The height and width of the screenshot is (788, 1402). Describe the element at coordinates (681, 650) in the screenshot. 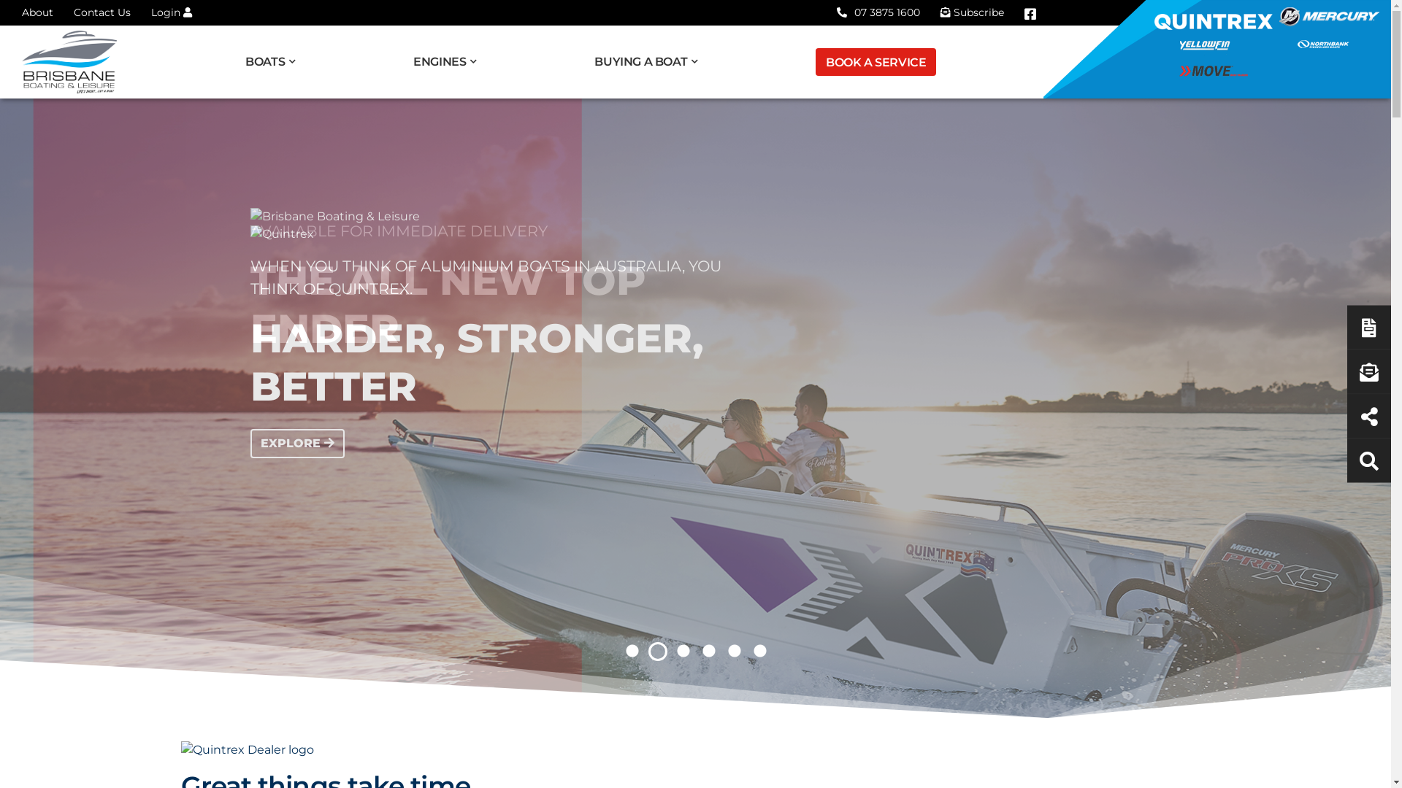

I see `'3'` at that location.